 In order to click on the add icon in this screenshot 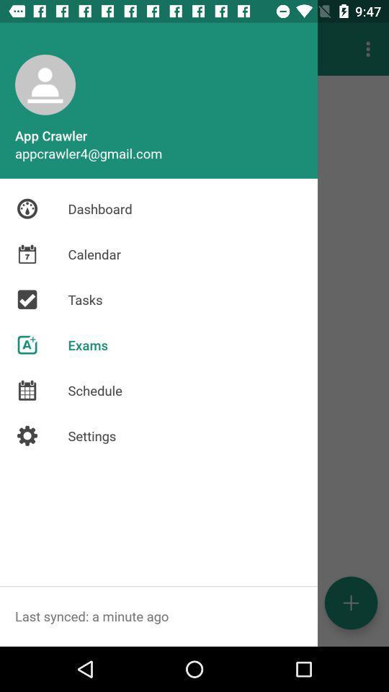, I will do `click(350, 603)`.